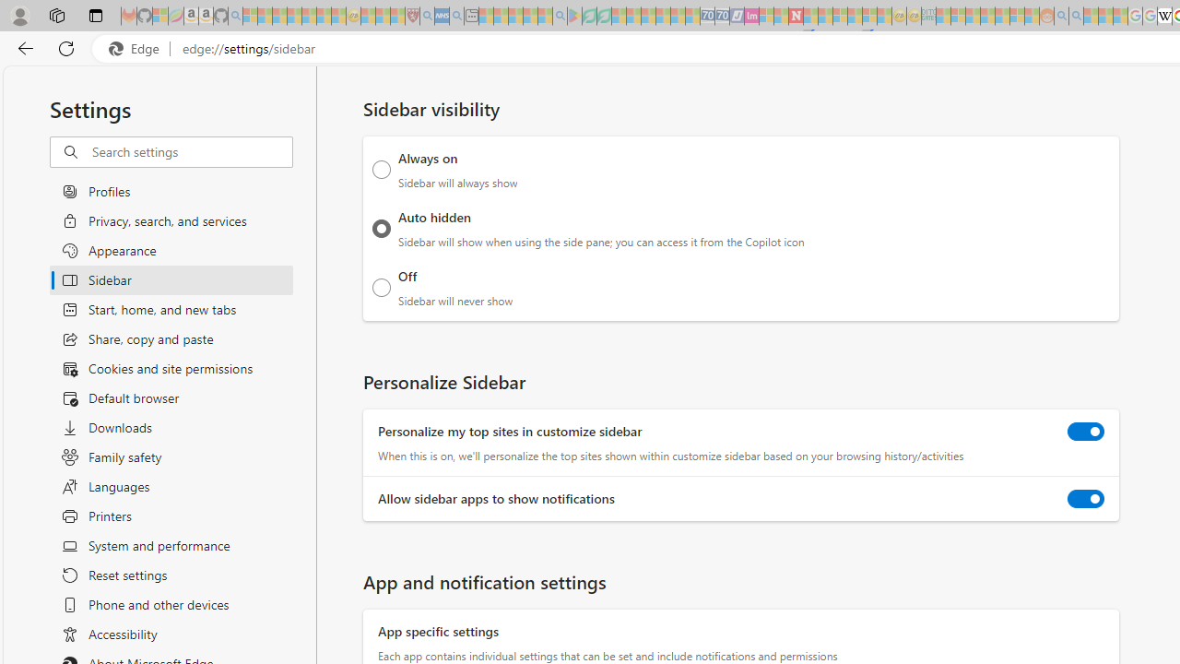  I want to click on 'utah sues federal government - Search - Sleeping', so click(456, 16).